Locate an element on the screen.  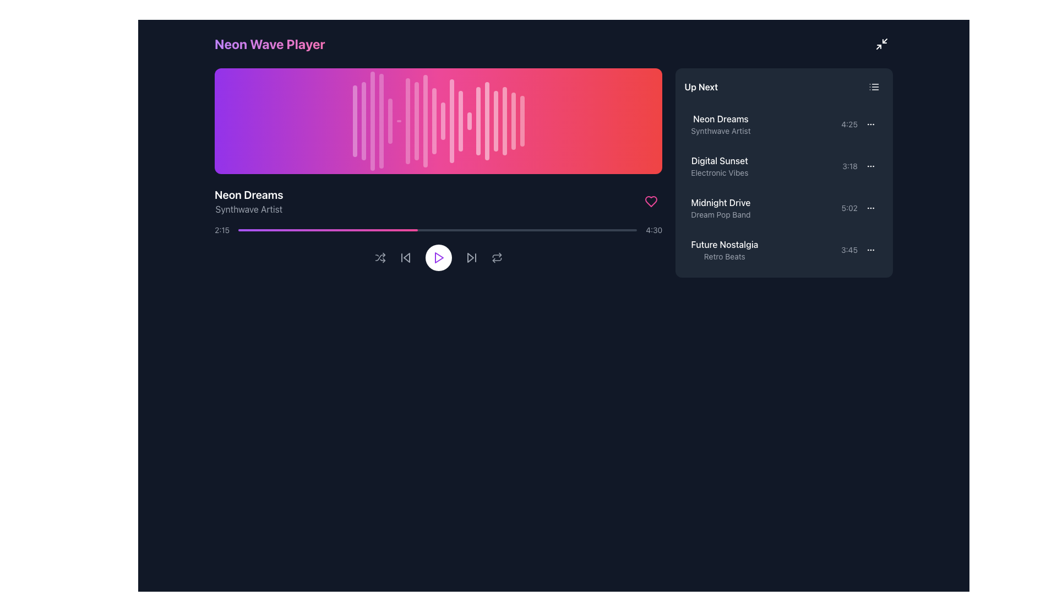
the controls of the media player interface located in the main content area below the waveform visualization is located at coordinates (438, 229).